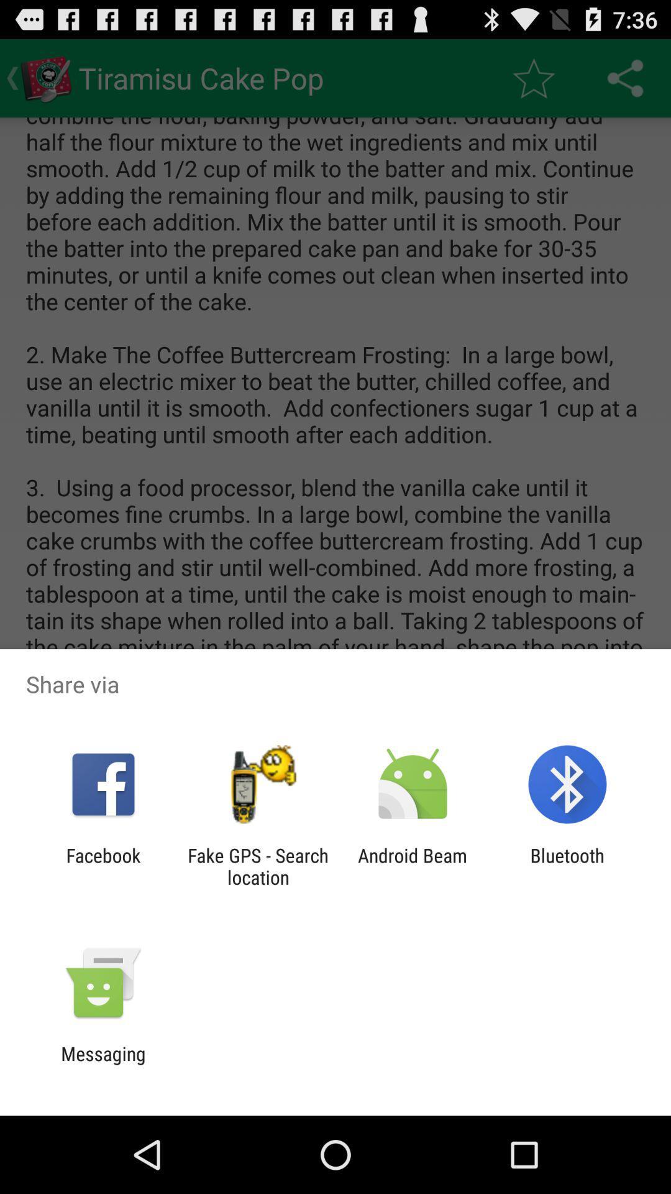  Describe the element at coordinates (413, 866) in the screenshot. I see `android beam item` at that location.